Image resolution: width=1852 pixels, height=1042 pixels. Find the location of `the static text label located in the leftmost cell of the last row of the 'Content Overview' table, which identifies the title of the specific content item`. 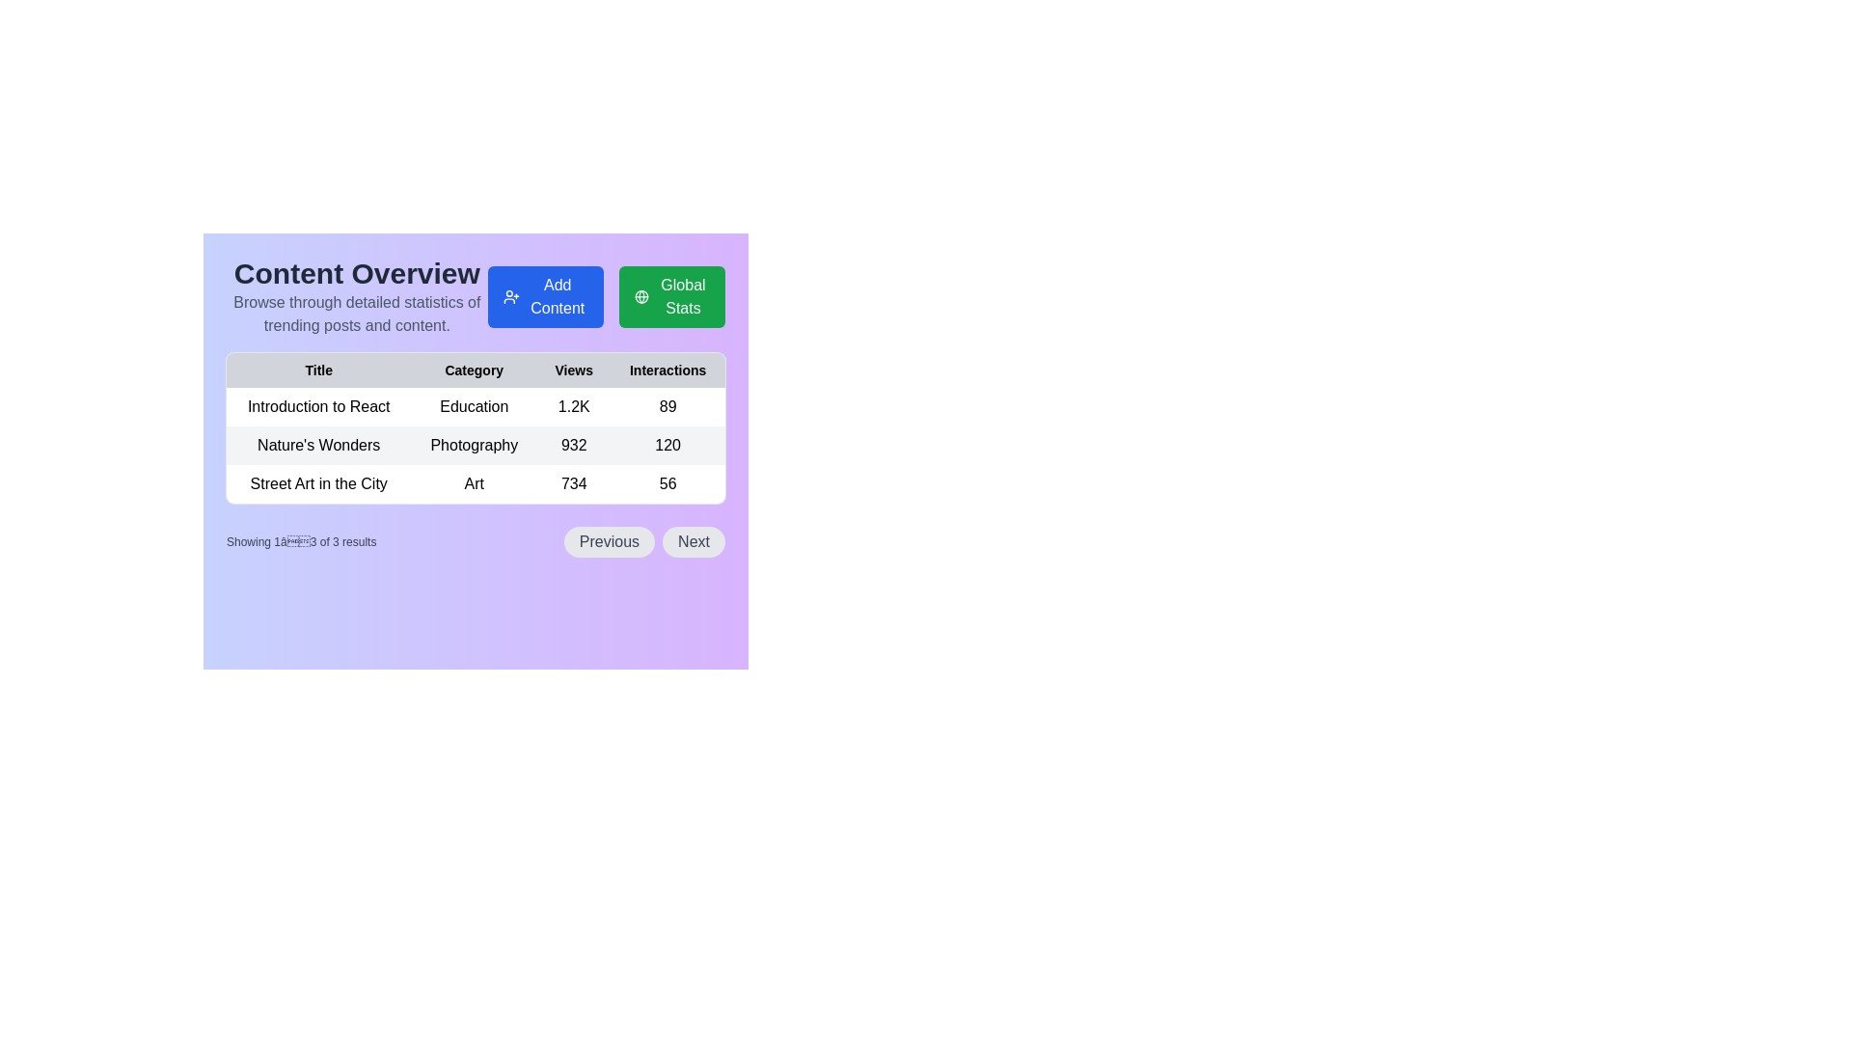

the static text label located in the leftmost cell of the last row of the 'Content Overview' table, which identifies the title of the specific content item is located at coordinates (318, 482).